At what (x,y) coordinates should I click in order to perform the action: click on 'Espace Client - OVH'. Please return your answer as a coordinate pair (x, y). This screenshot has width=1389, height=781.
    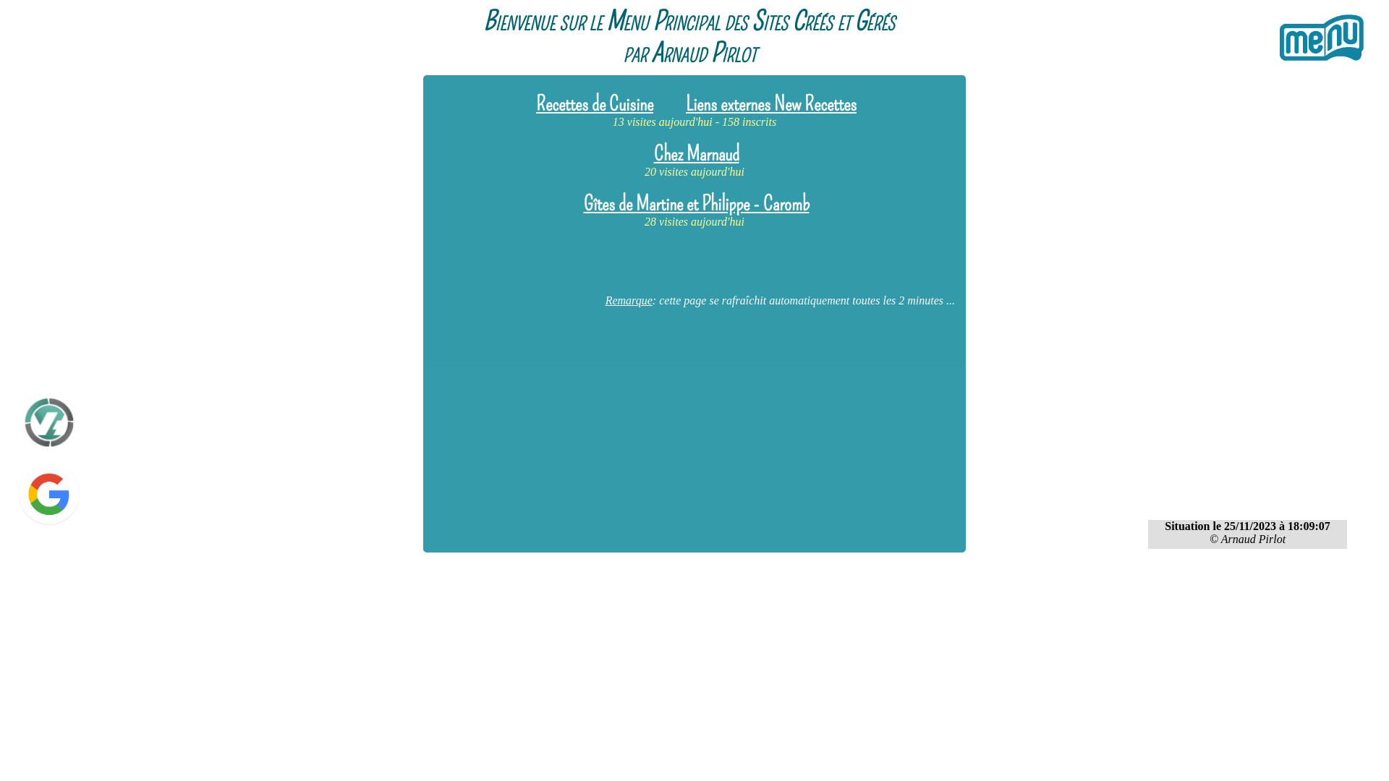
    Looking at the image, I should click on (24, 422).